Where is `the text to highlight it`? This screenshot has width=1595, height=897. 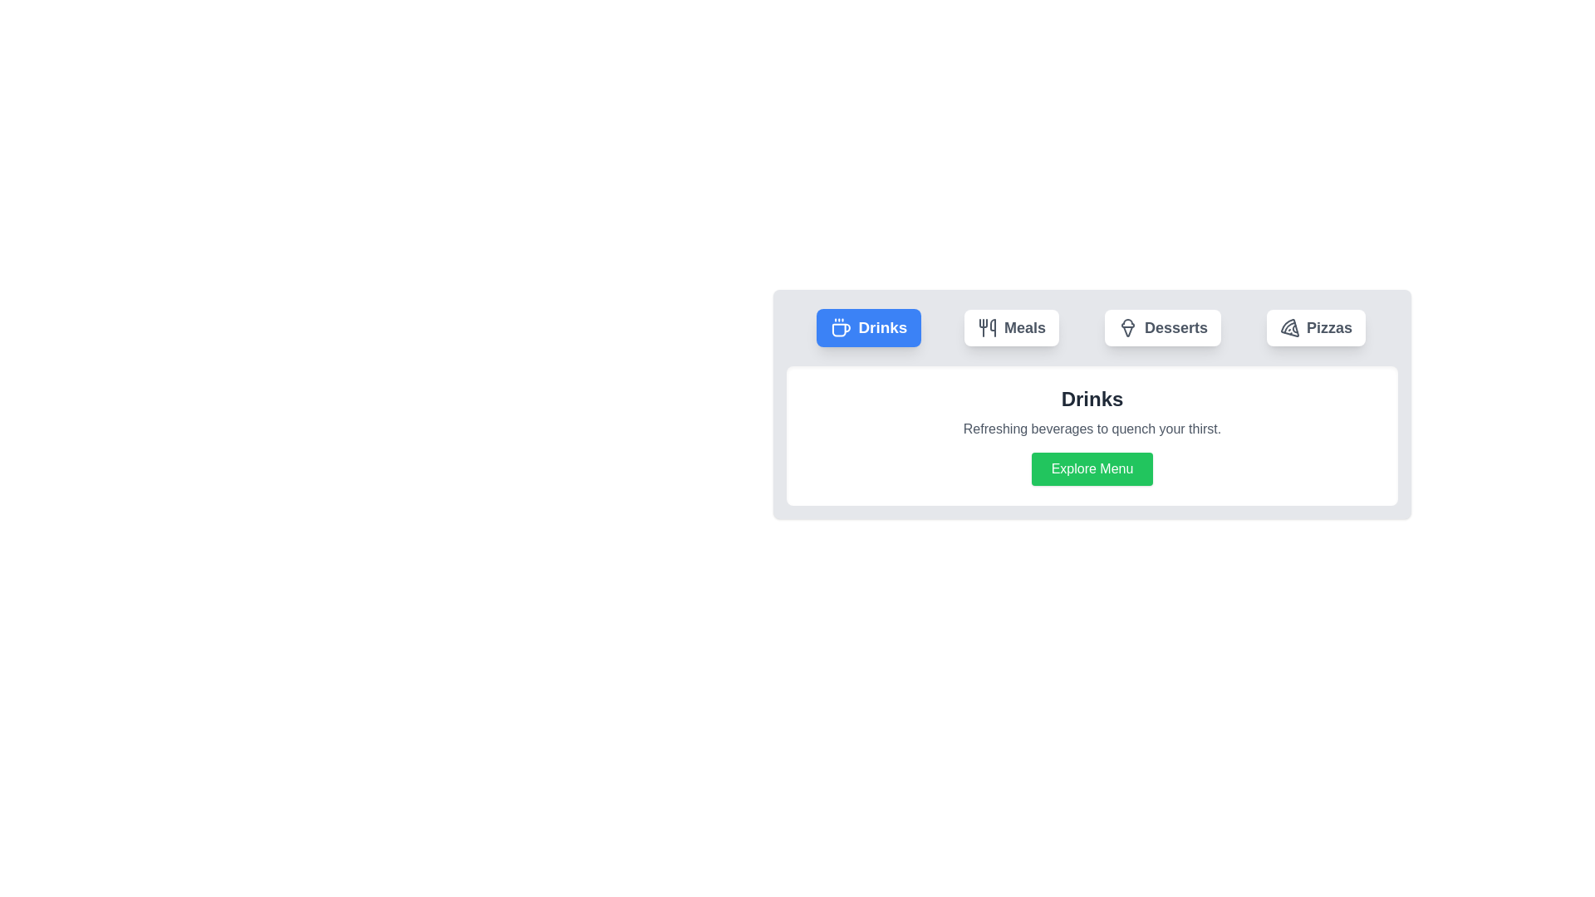
the text to highlight it is located at coordinates (868, 327).